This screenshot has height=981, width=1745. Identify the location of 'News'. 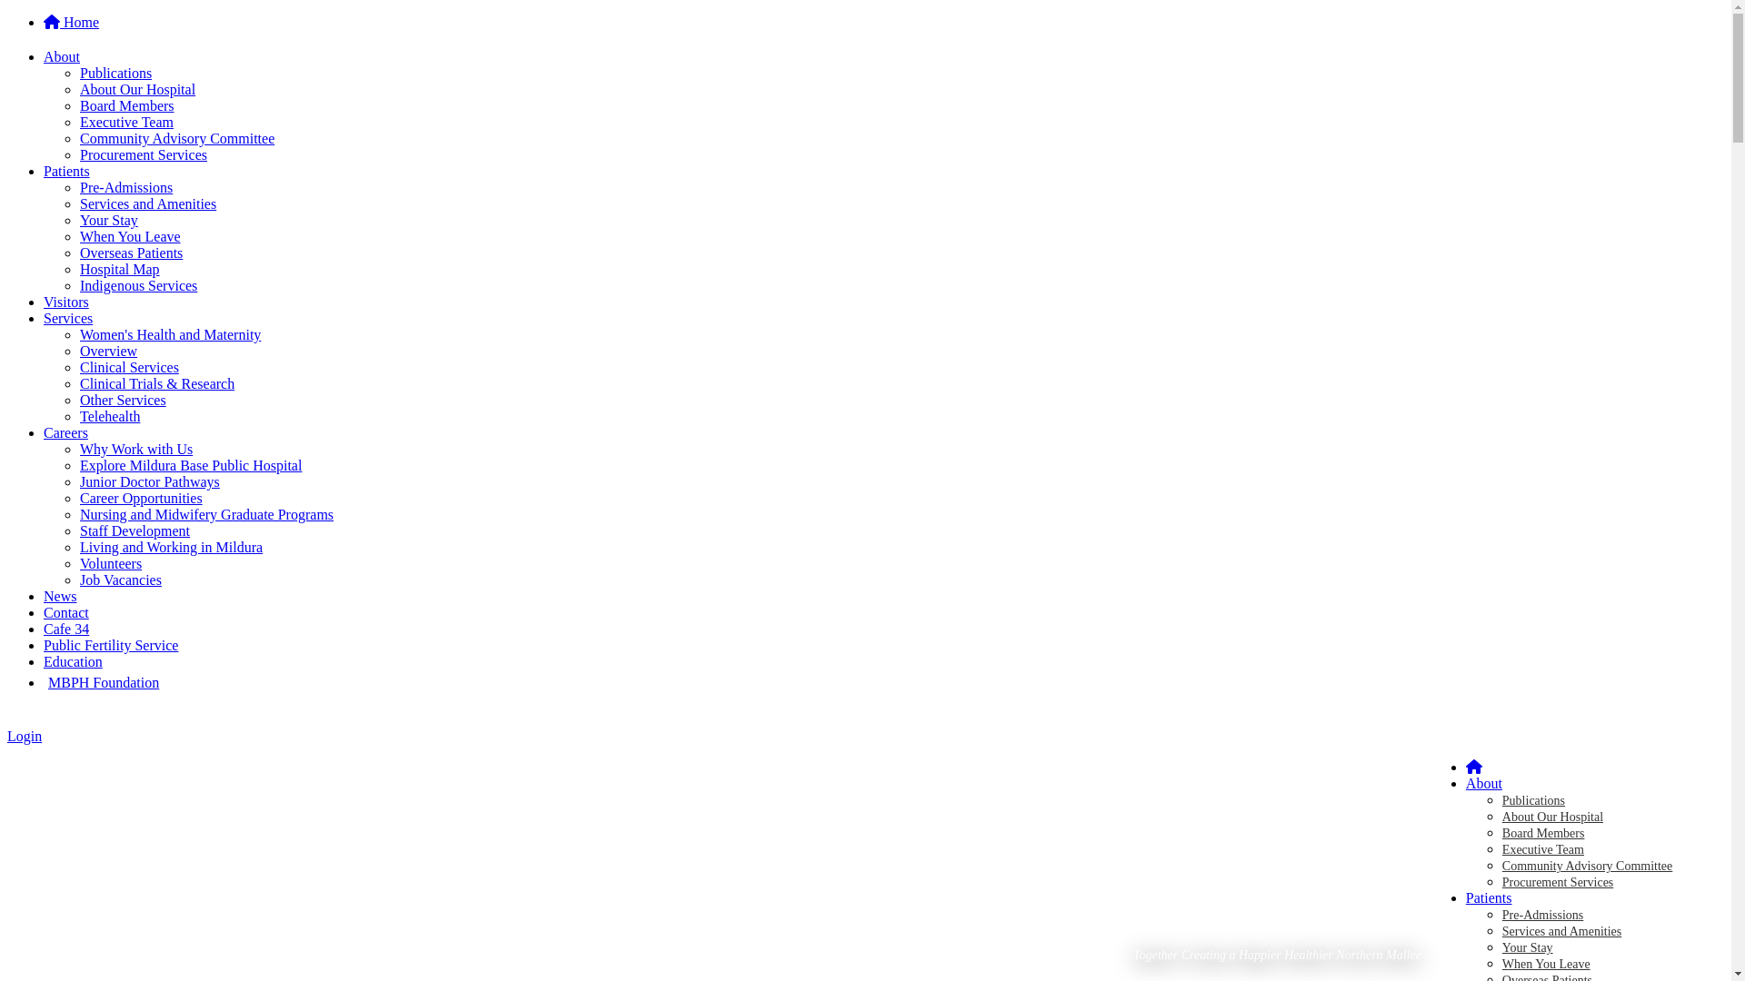
(60, 596).